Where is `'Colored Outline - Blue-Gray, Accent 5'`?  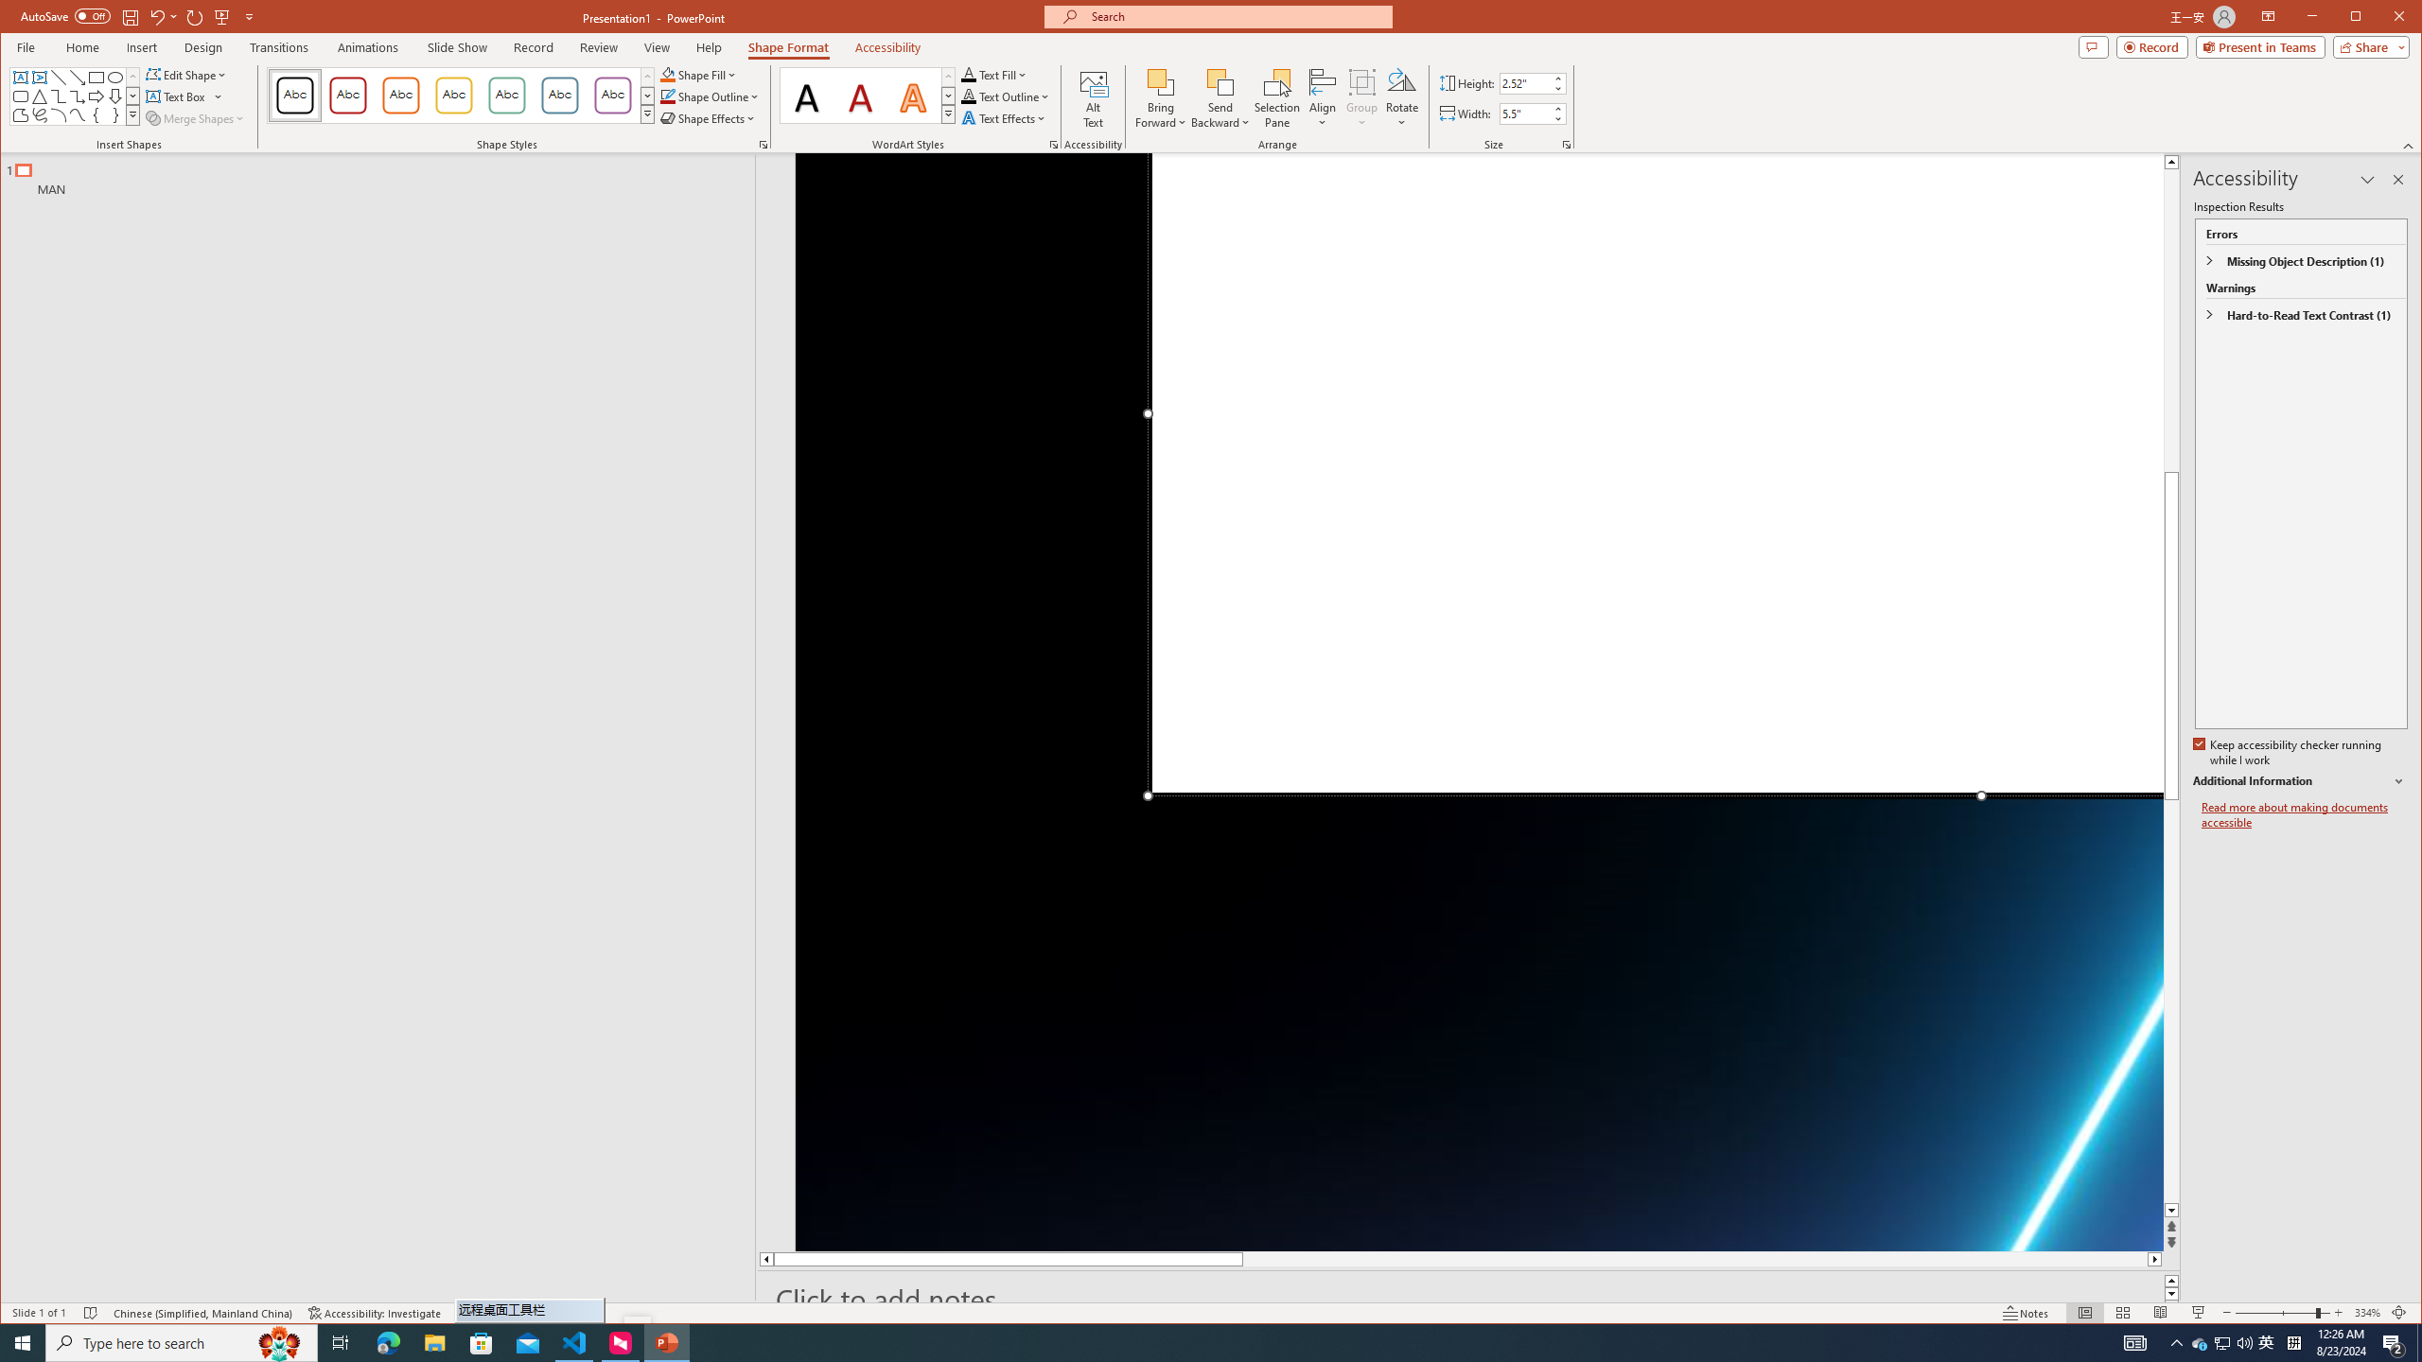 'Colored Outline - Blue-Gray, Accent 5' is located at coordinates (559, 95).